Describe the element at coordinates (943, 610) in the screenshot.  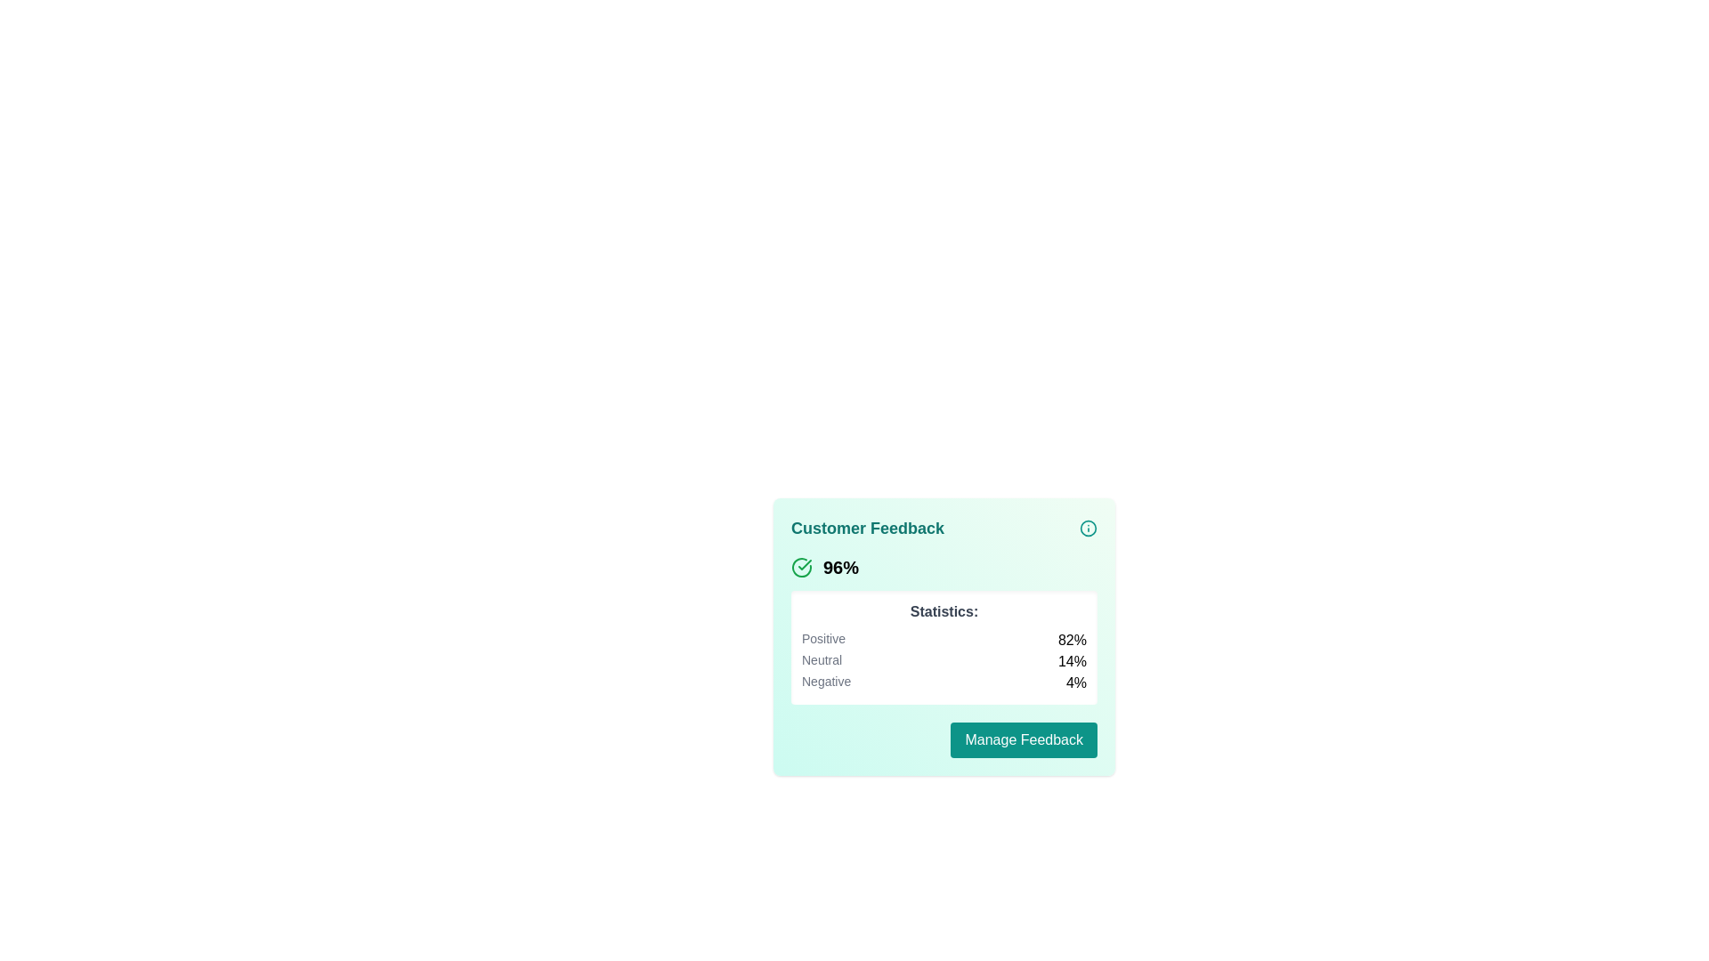
I see `the 'Statistics:' text label, which is styled in bold, medium-size dark gray font and is positioned above the statistical data section` at that location.